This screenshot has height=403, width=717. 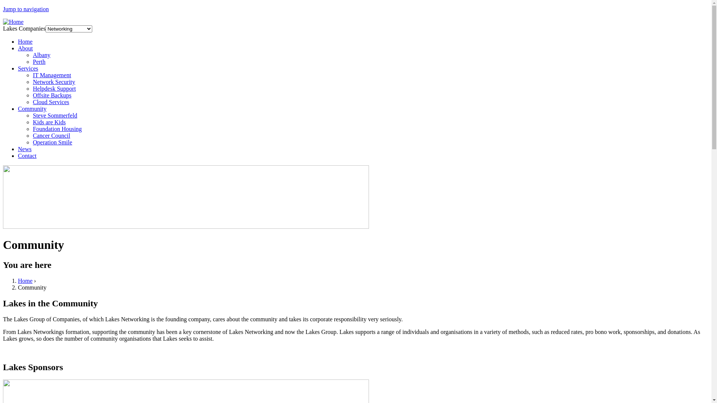 What do you see at coordinates (52, 75) in the screenshot?
I see `'IT Management'` at bounding box center [52, 75].